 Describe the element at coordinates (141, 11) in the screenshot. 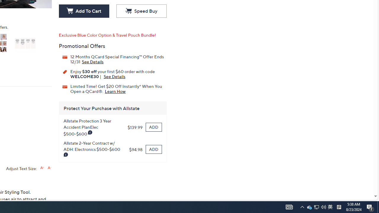

I see `'Speed Buy'` at that location.